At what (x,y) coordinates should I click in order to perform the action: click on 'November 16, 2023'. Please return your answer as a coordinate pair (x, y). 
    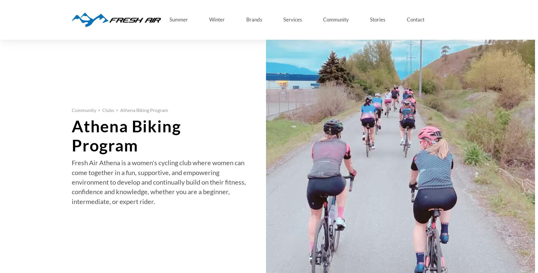
    Looking at the image, I should click on (178, 227).